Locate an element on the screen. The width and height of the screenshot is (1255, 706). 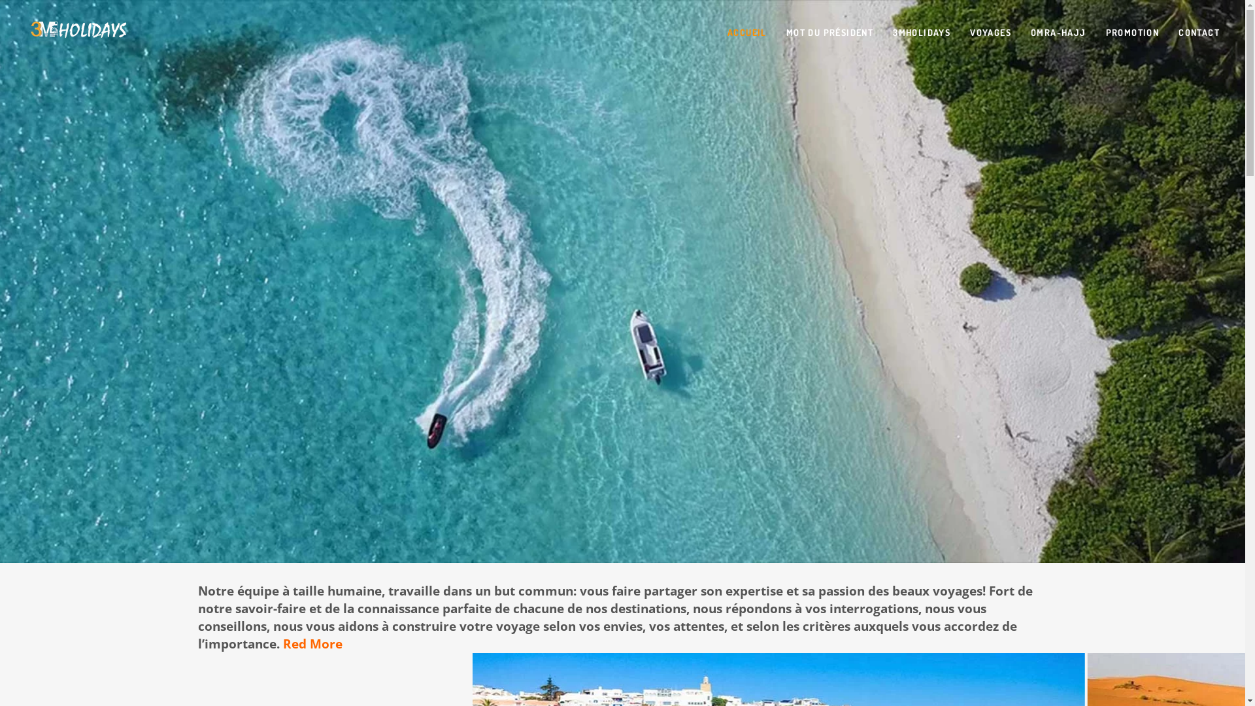
'CONTACT' is located at coordinates (1199, 32).